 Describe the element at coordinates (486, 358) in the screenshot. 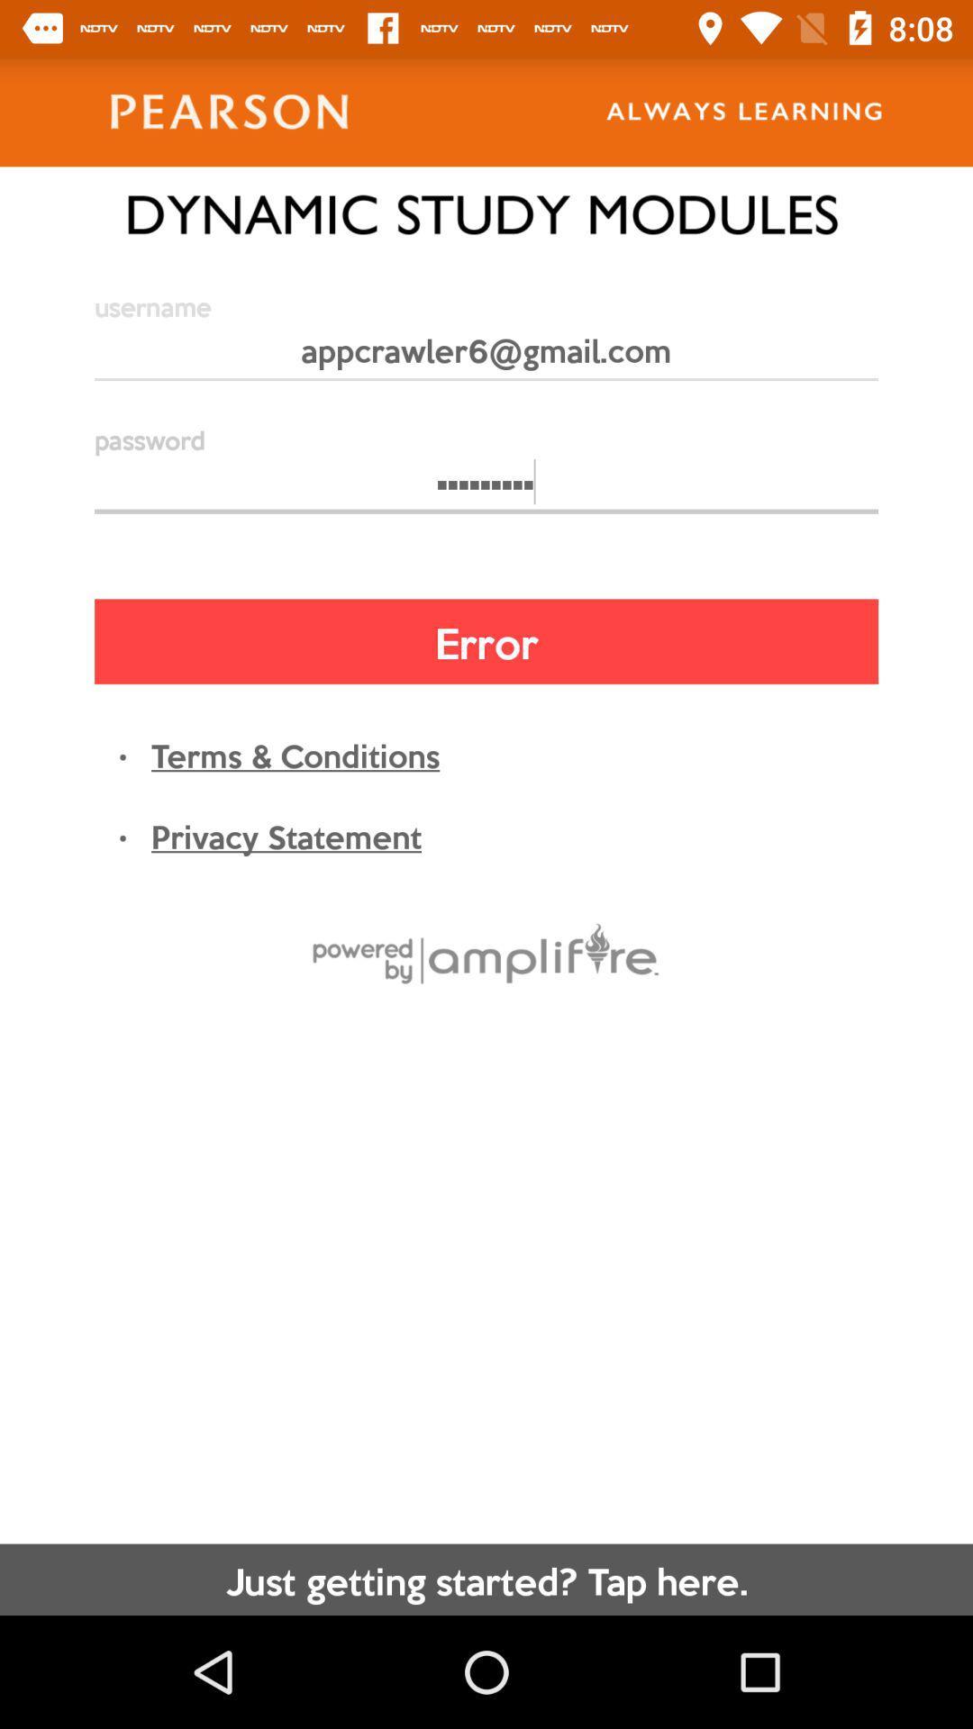

I see `the appcrawler6@gmail.com item` at that location.